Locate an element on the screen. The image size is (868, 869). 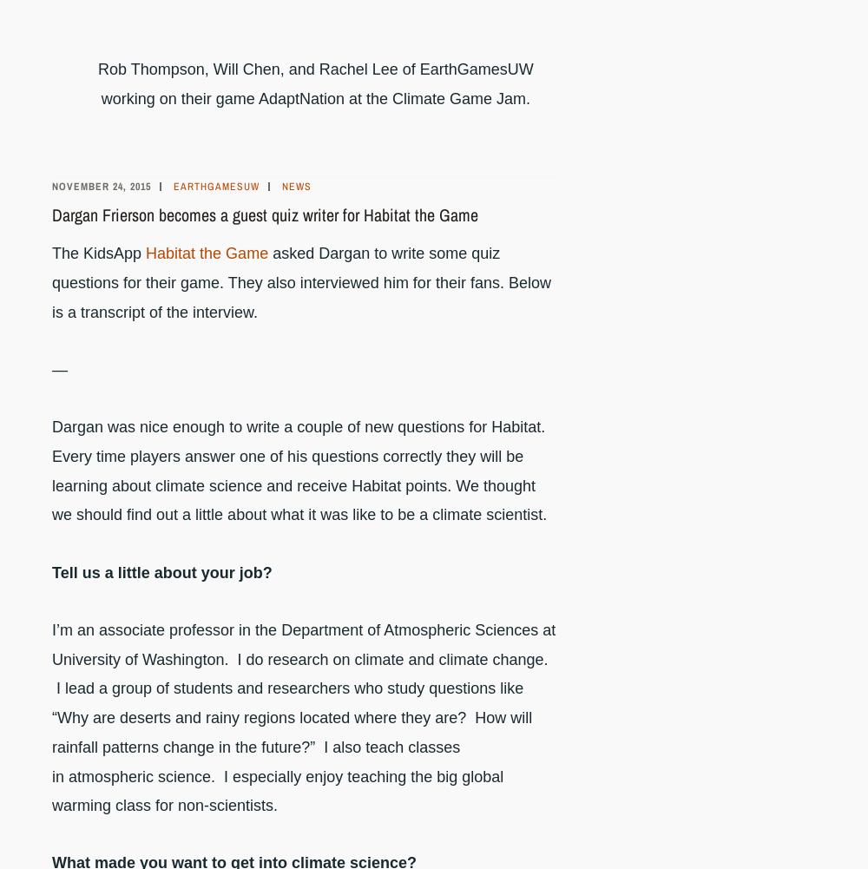
'The KidsApp' is located at coordinates (98, 253).